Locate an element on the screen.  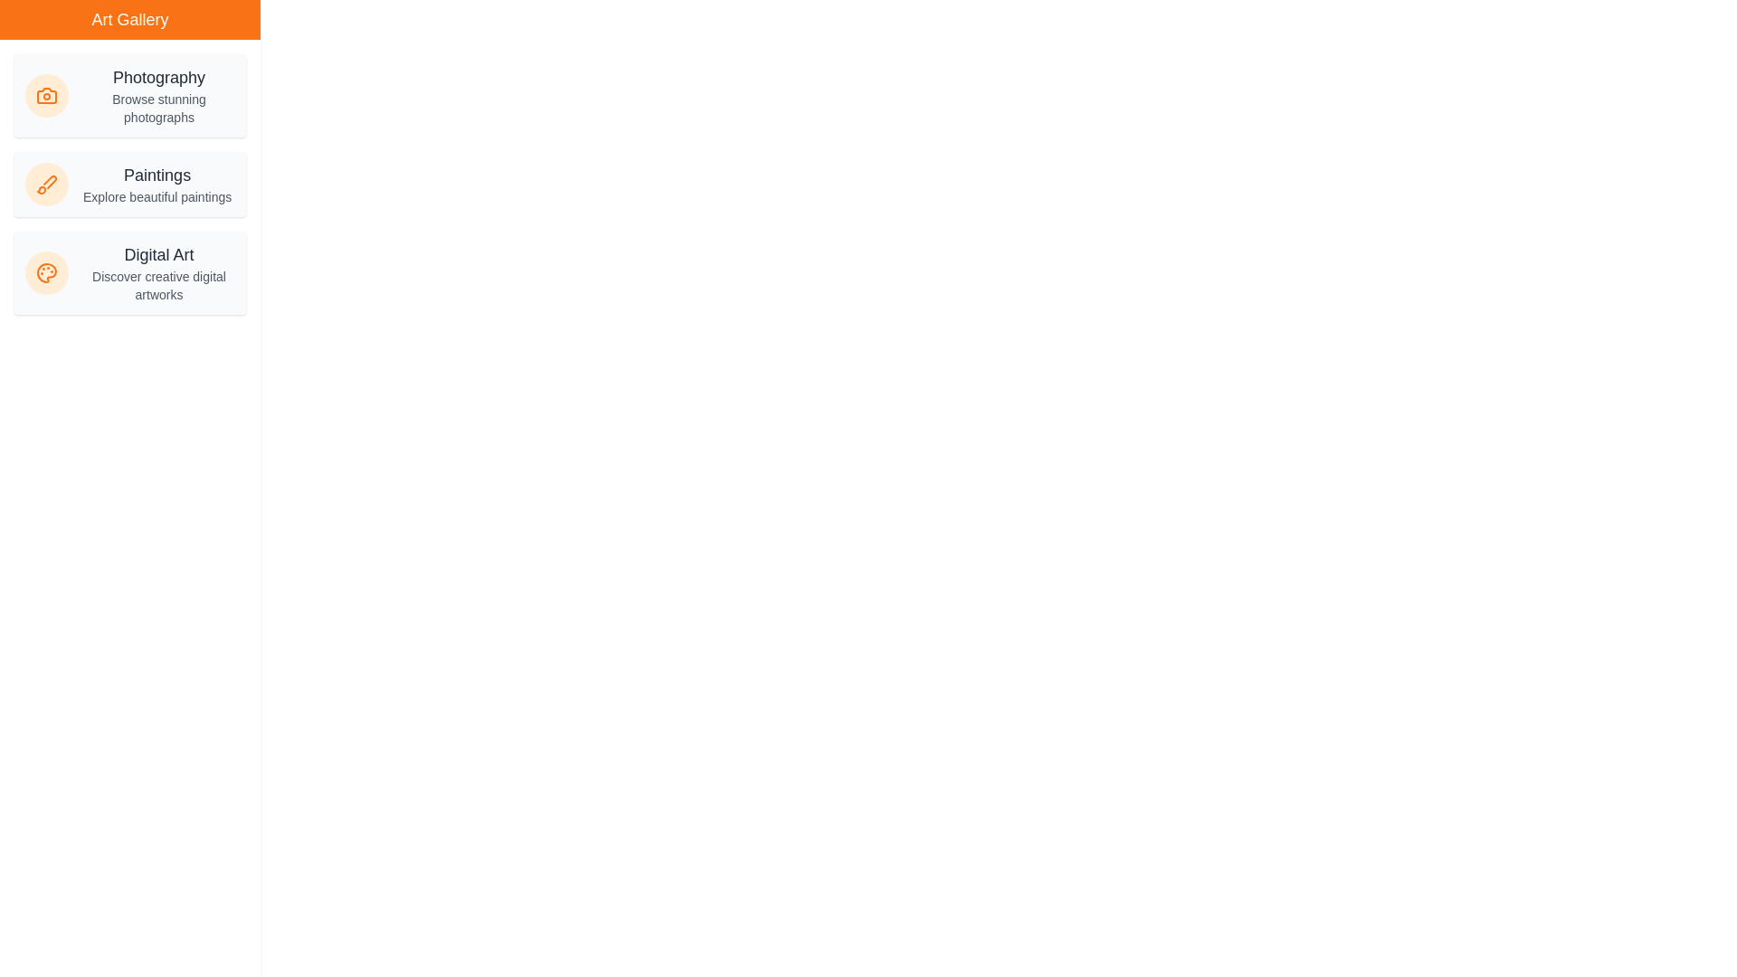
the icon of the selected category Digital Art is located at coordinates (47, 272).